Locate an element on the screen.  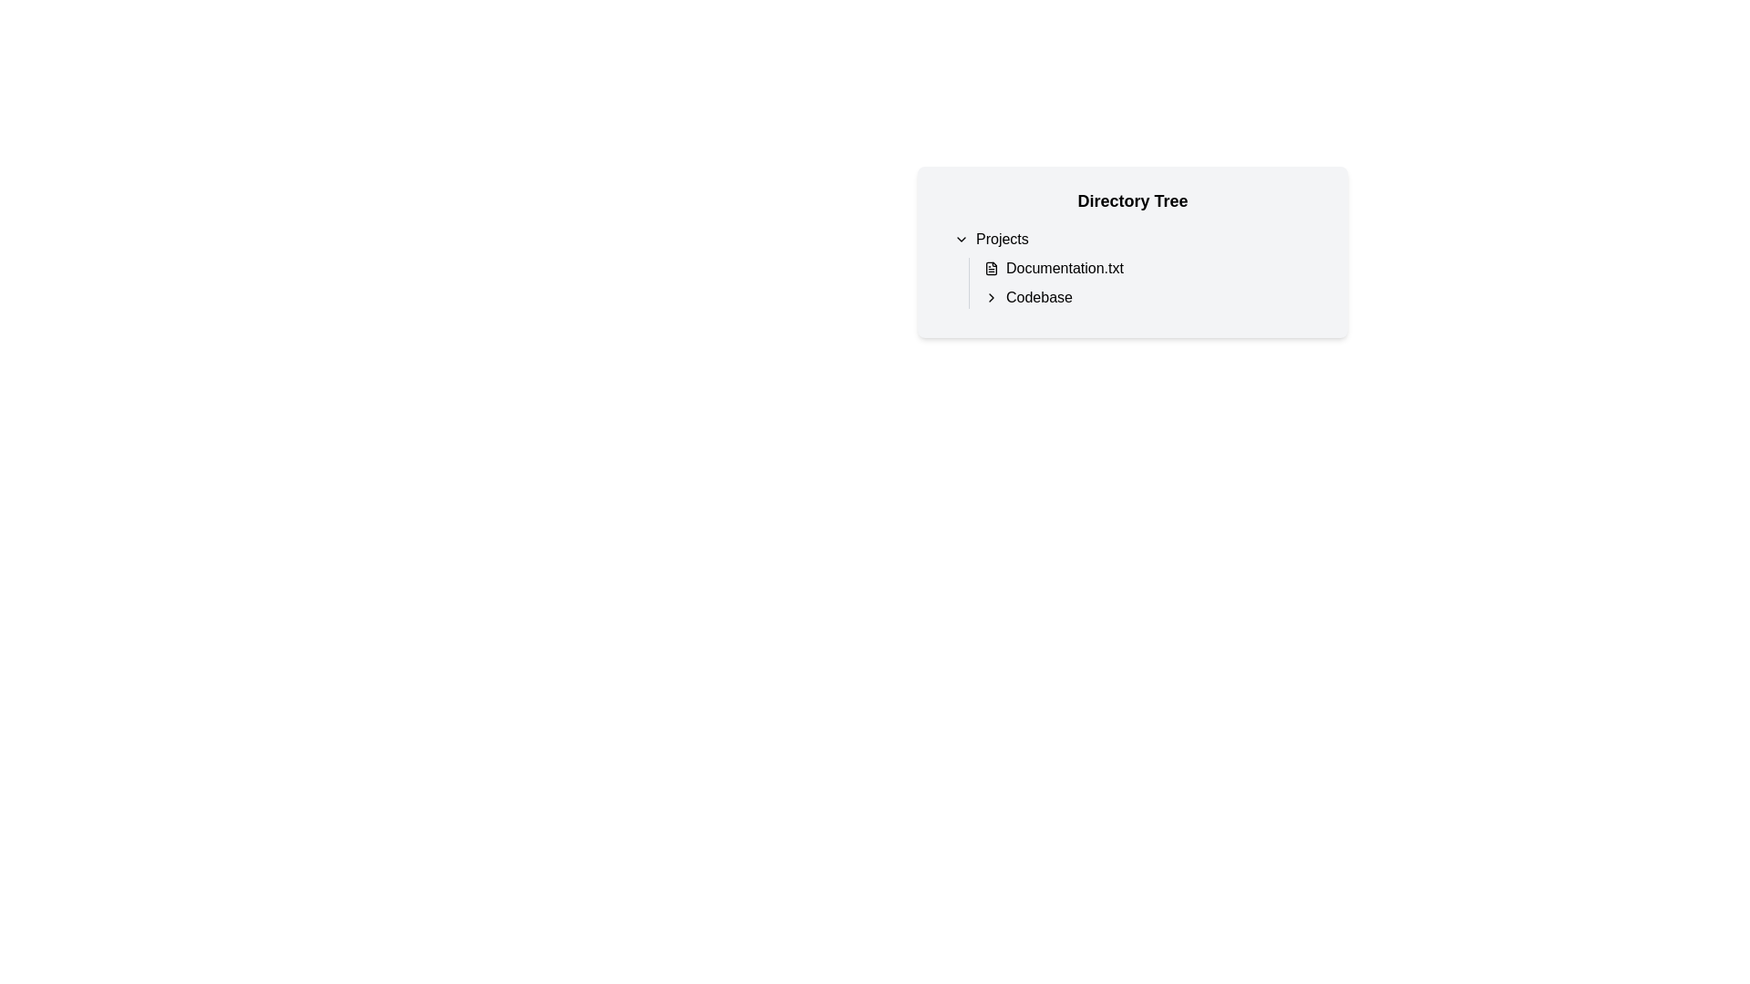
the Dropdown menu button at the top of the 'Projects' directory is located at coordinates (1139, 238).